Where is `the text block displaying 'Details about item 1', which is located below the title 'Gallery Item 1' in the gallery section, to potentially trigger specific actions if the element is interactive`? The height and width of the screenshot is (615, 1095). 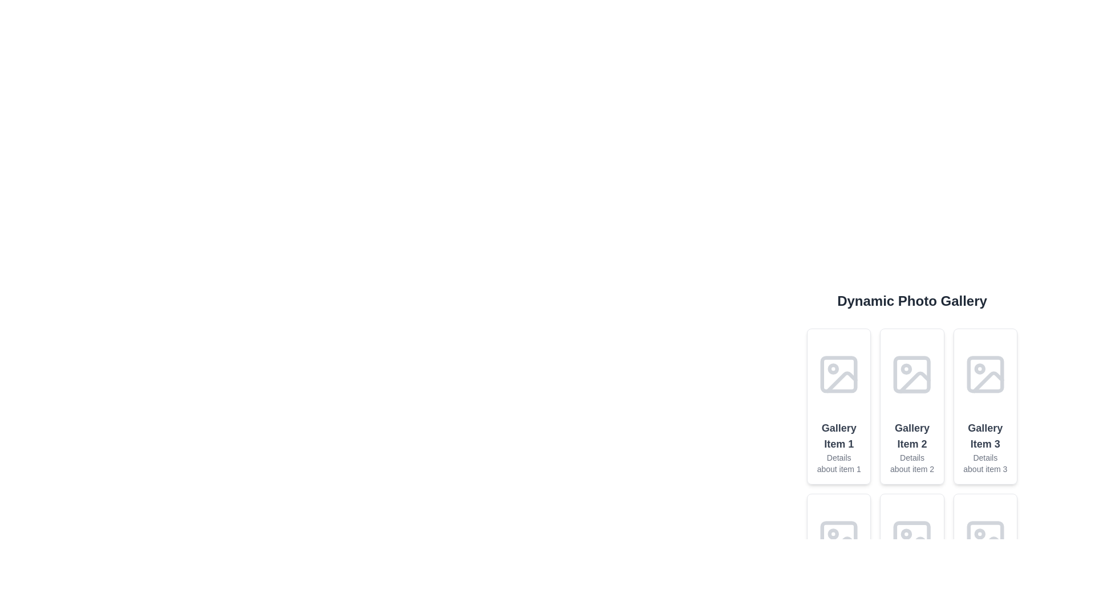 the text block displaying 'Details about item 1', which is located below the title 'Gallery Item 1' in the gallery section, to potentially trigger specific actions if the element is interactive is located at coordinates (839, 463).